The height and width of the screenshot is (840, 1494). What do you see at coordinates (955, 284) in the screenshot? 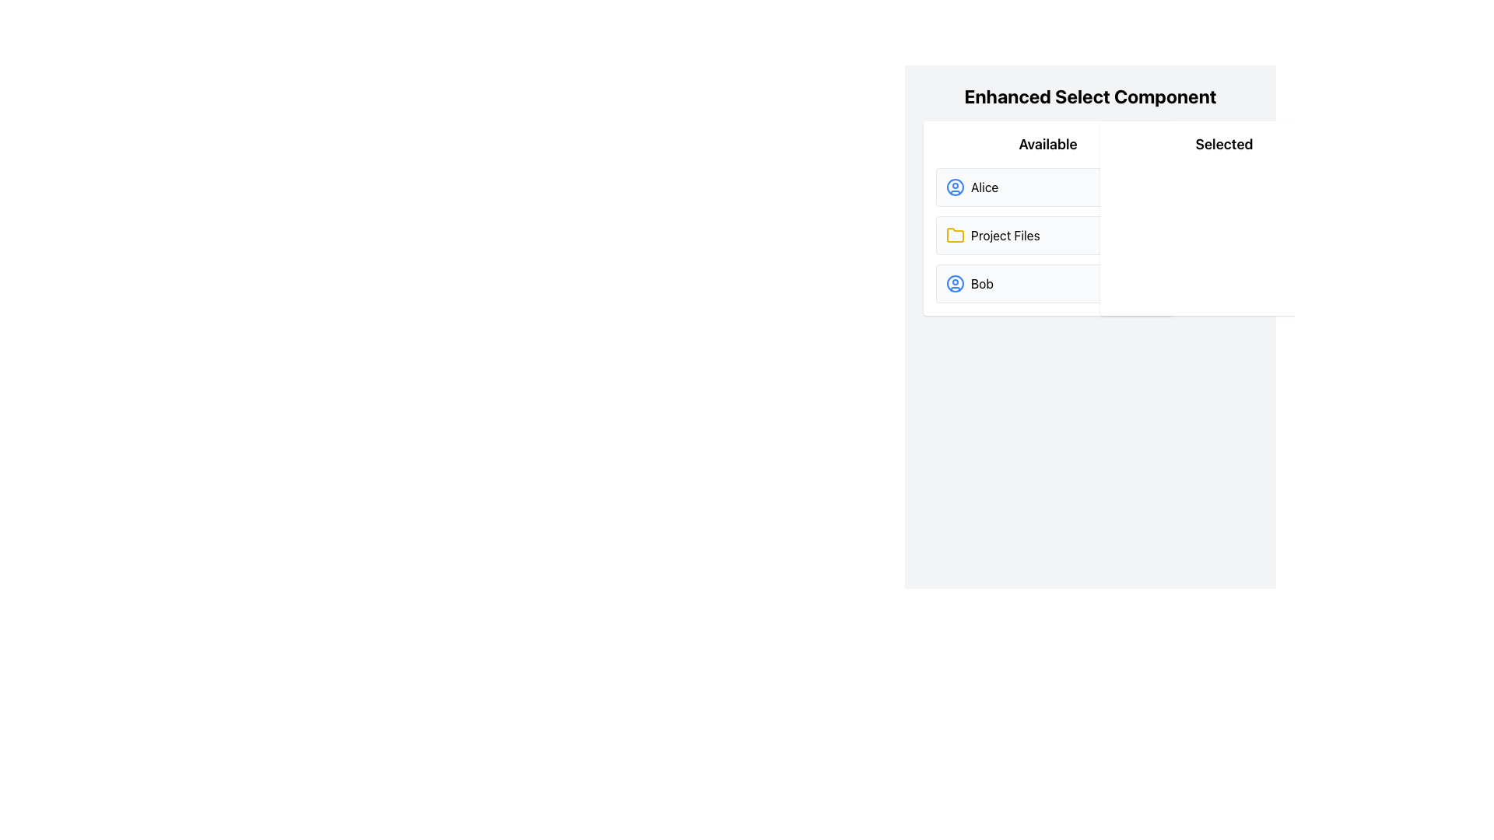
I see `the user 'Bob' icon in the 'Available' list section, positioned as the leftmost element in the row` at bounding box center [955, 284].